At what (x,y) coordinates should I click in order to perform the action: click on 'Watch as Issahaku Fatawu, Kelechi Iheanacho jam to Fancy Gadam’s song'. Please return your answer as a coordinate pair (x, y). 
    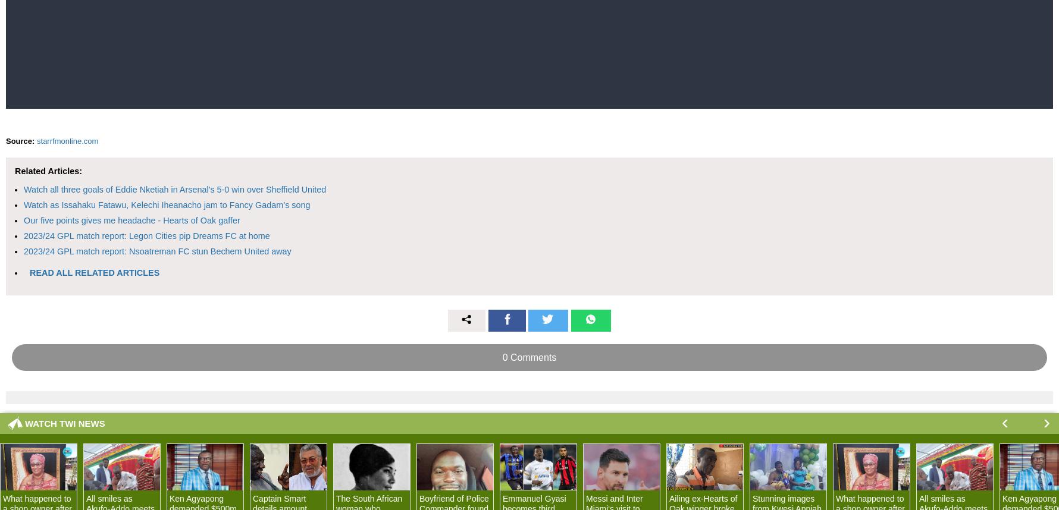
    Looking at the image, I should click on (166, 203).